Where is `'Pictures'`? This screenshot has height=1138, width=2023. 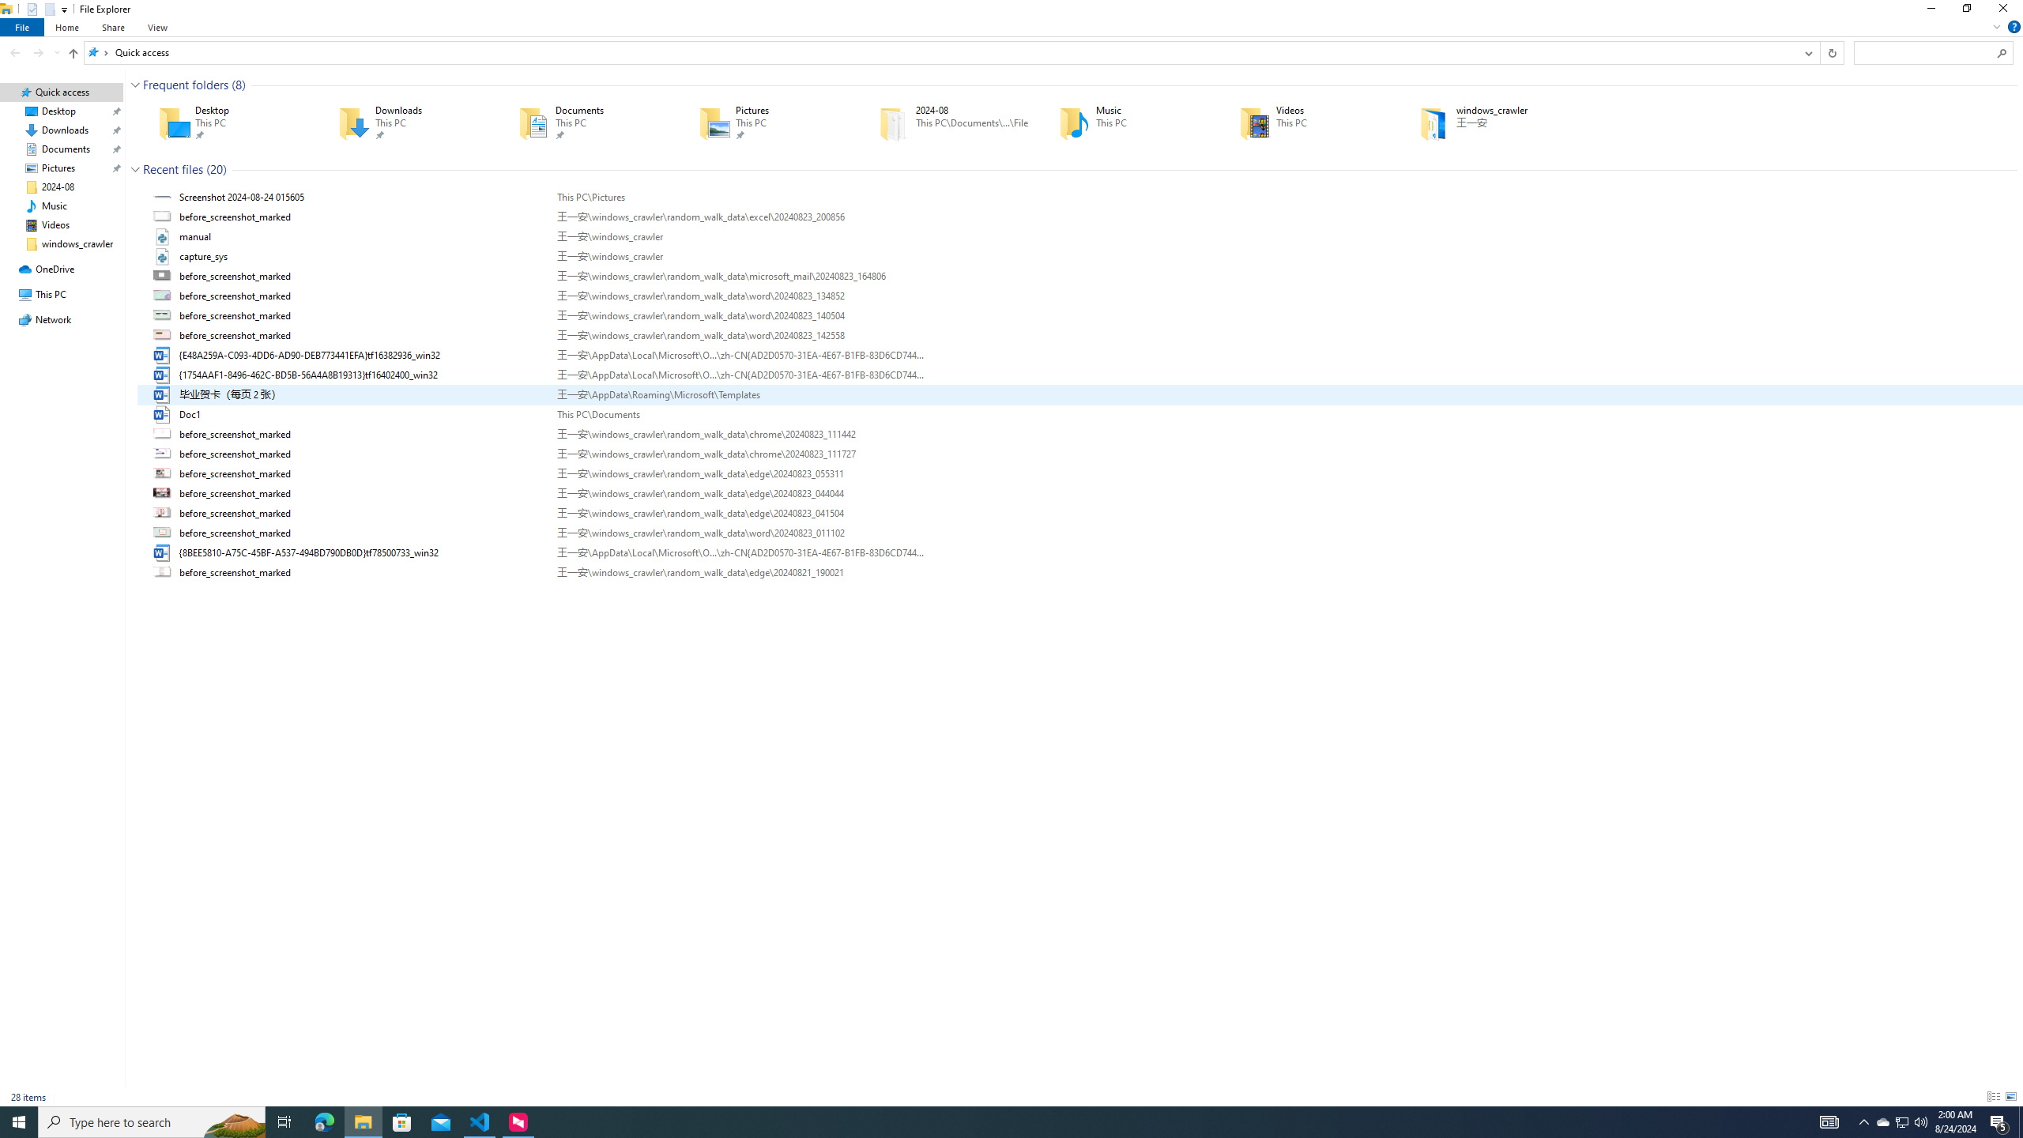
'Pictures' is located at coordinates (767, 122).